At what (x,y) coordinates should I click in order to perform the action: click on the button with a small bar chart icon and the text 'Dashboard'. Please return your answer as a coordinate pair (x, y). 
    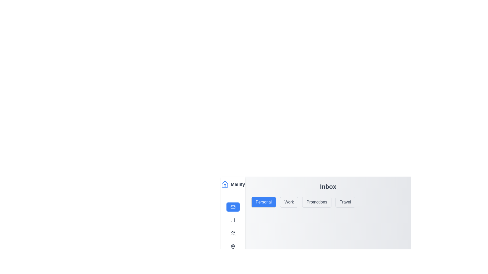
    Looking at the image, I should click on (233, 220).